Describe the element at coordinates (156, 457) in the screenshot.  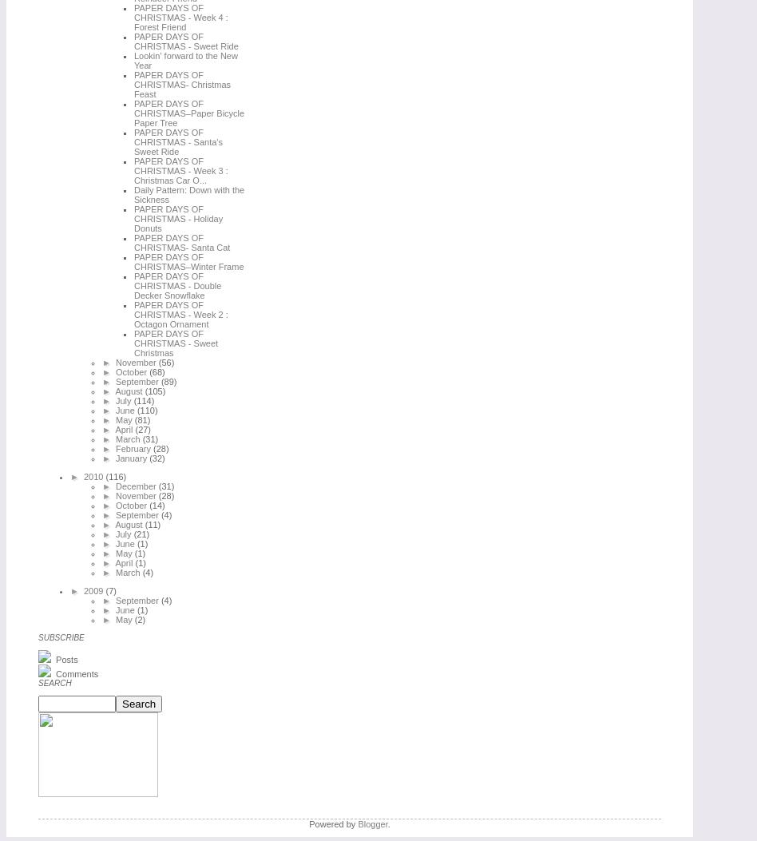
I see `'(32)'` at that location.